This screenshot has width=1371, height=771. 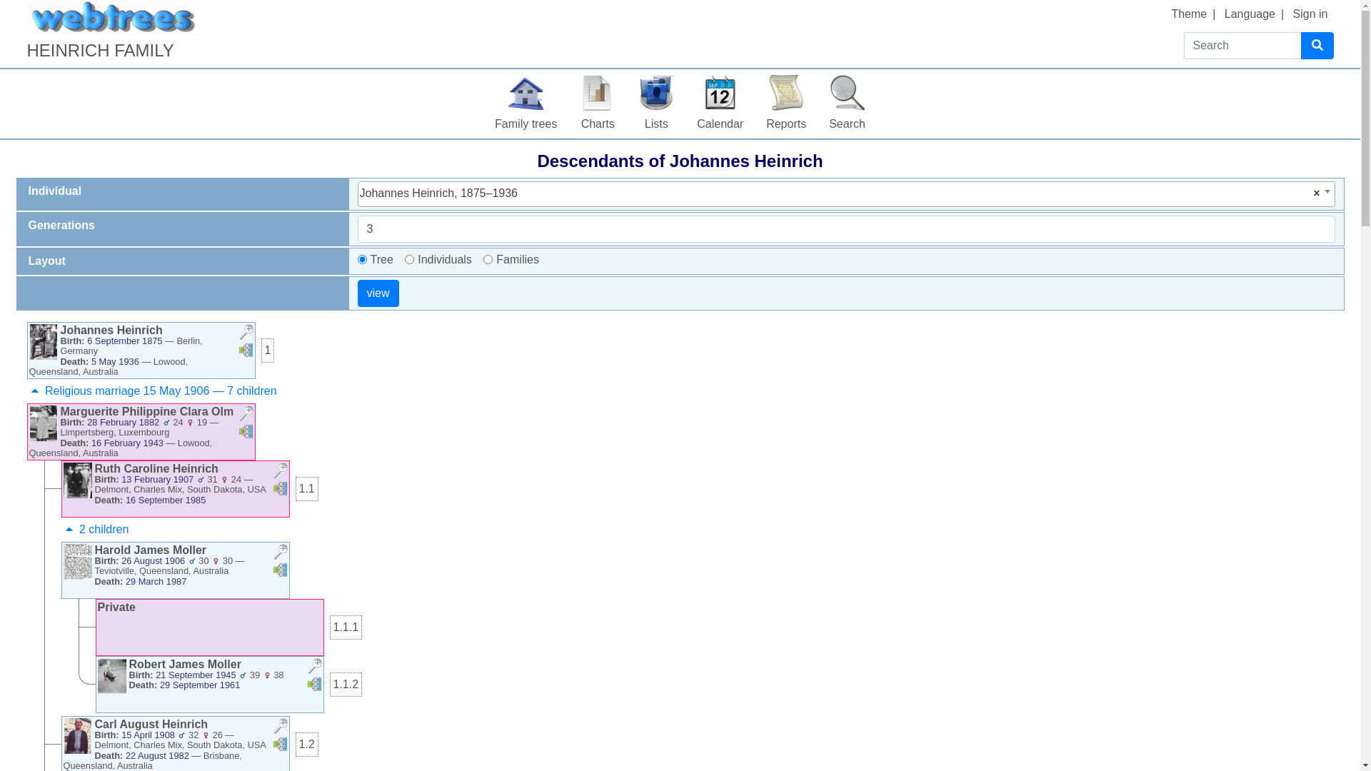 What do you see at coordinates (61, 529) in the screenshot?
I see `'2 children'` at bounding box center [61, 529].